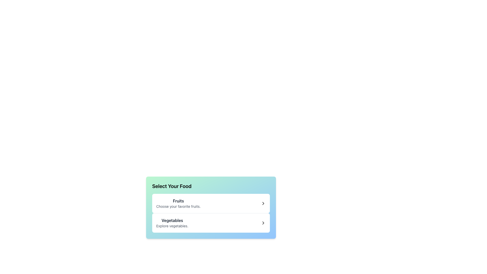 Image resolution: width=487 pixels, height=274 pixels. Describe the element at coordinates (211, 222) in the screenshot. I see `the list item styled as a button labeled 'Vegetables' which is the second item in the selectable list under 'Select Your Food.'` at that location.